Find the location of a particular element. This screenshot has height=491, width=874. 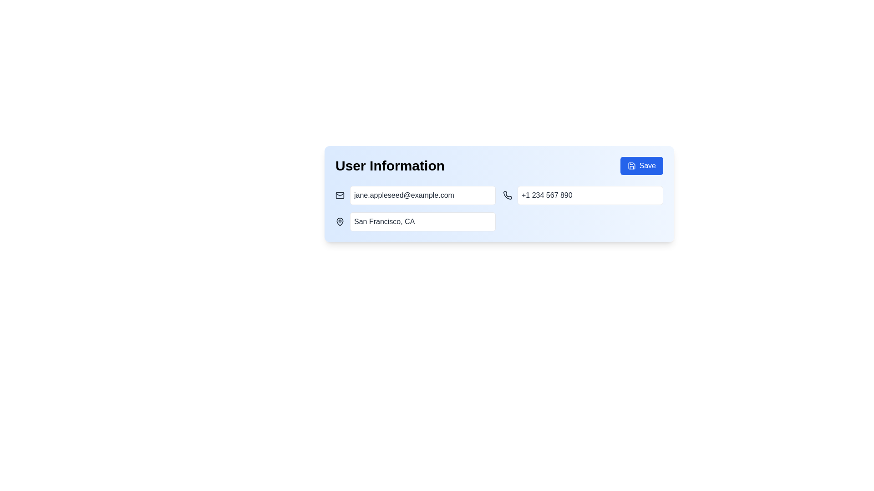

the heading text label that provides context for the user information section below it is located at coordinates (390, 166).